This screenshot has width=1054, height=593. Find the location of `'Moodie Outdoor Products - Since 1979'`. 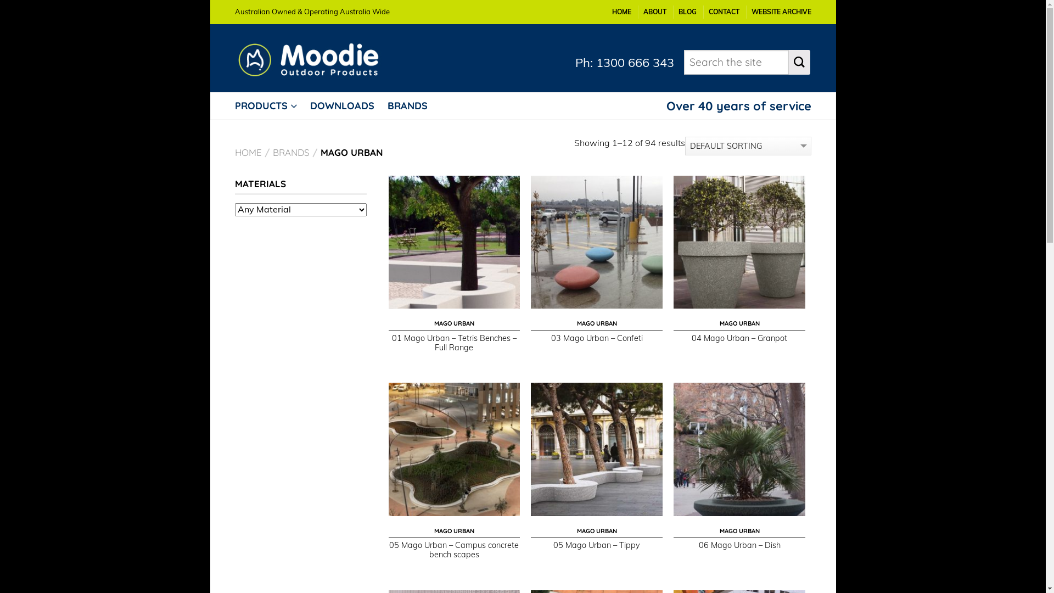

'Moodie Outdoor Products - Since 1979' is located at coordinates (316, 57).